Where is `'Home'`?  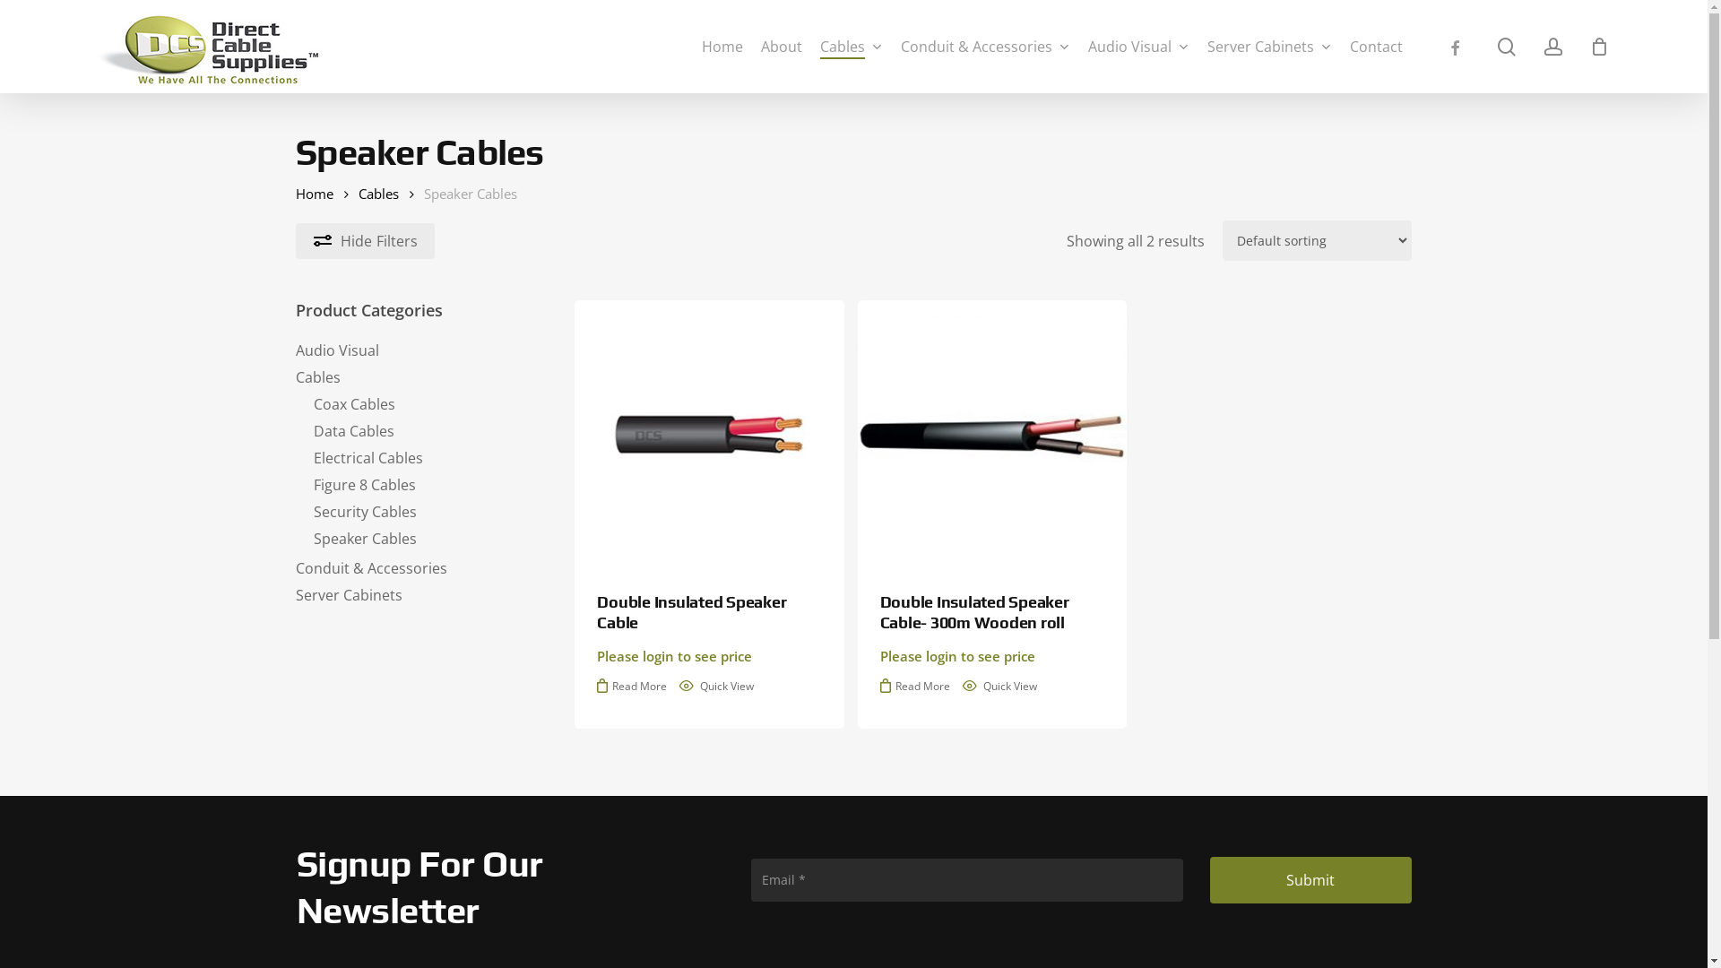 'Home' is located at coordinates (314, 194).